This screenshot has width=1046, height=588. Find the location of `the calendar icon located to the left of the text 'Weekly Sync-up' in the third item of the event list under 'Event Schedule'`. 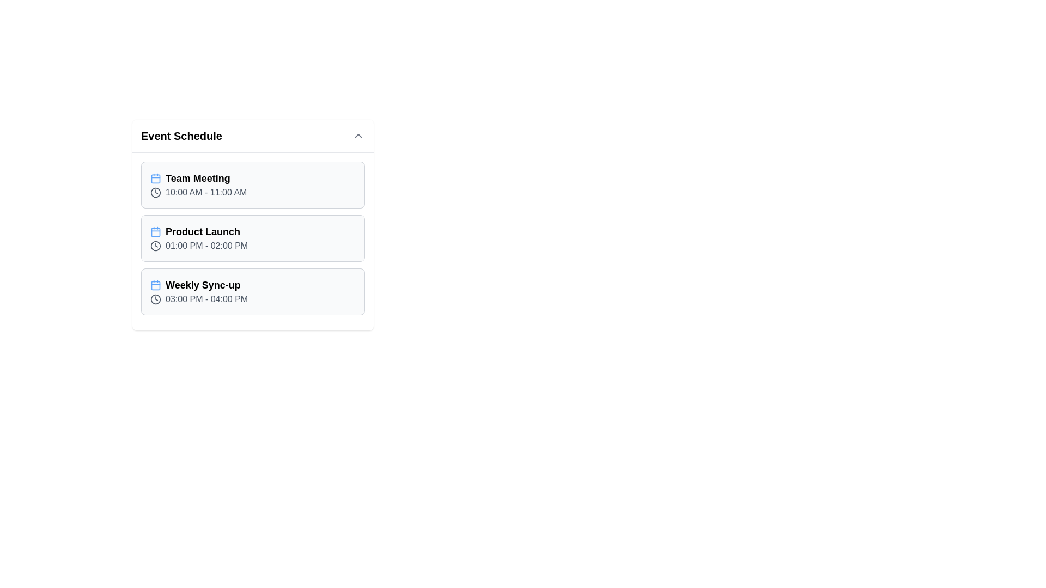

the calendar icon located to the left of the text 'Weekly Sync-up' in the third item of the event list under 'Event Schedule' is located at coordinates (155, 285).